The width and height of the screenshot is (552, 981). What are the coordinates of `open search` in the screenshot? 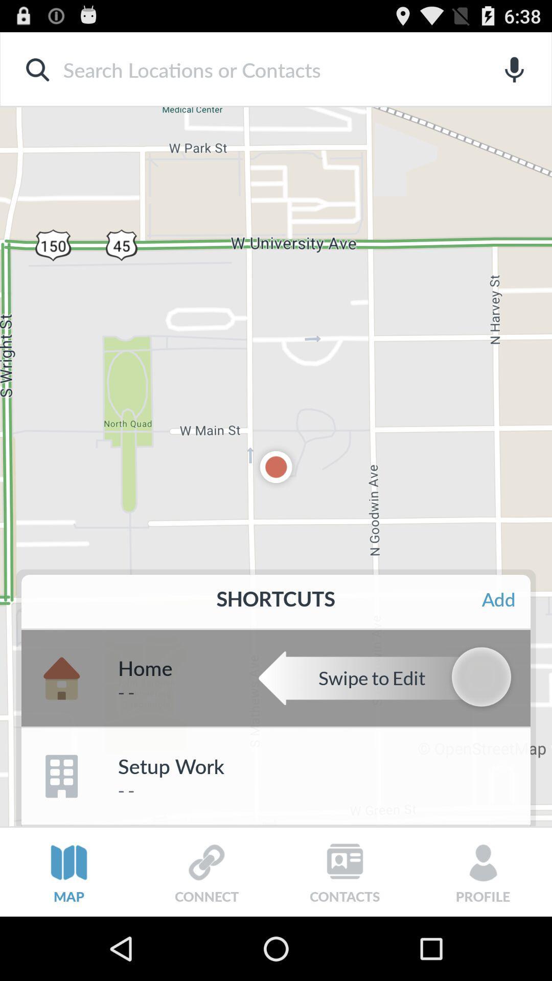 It's located at (259, 69).